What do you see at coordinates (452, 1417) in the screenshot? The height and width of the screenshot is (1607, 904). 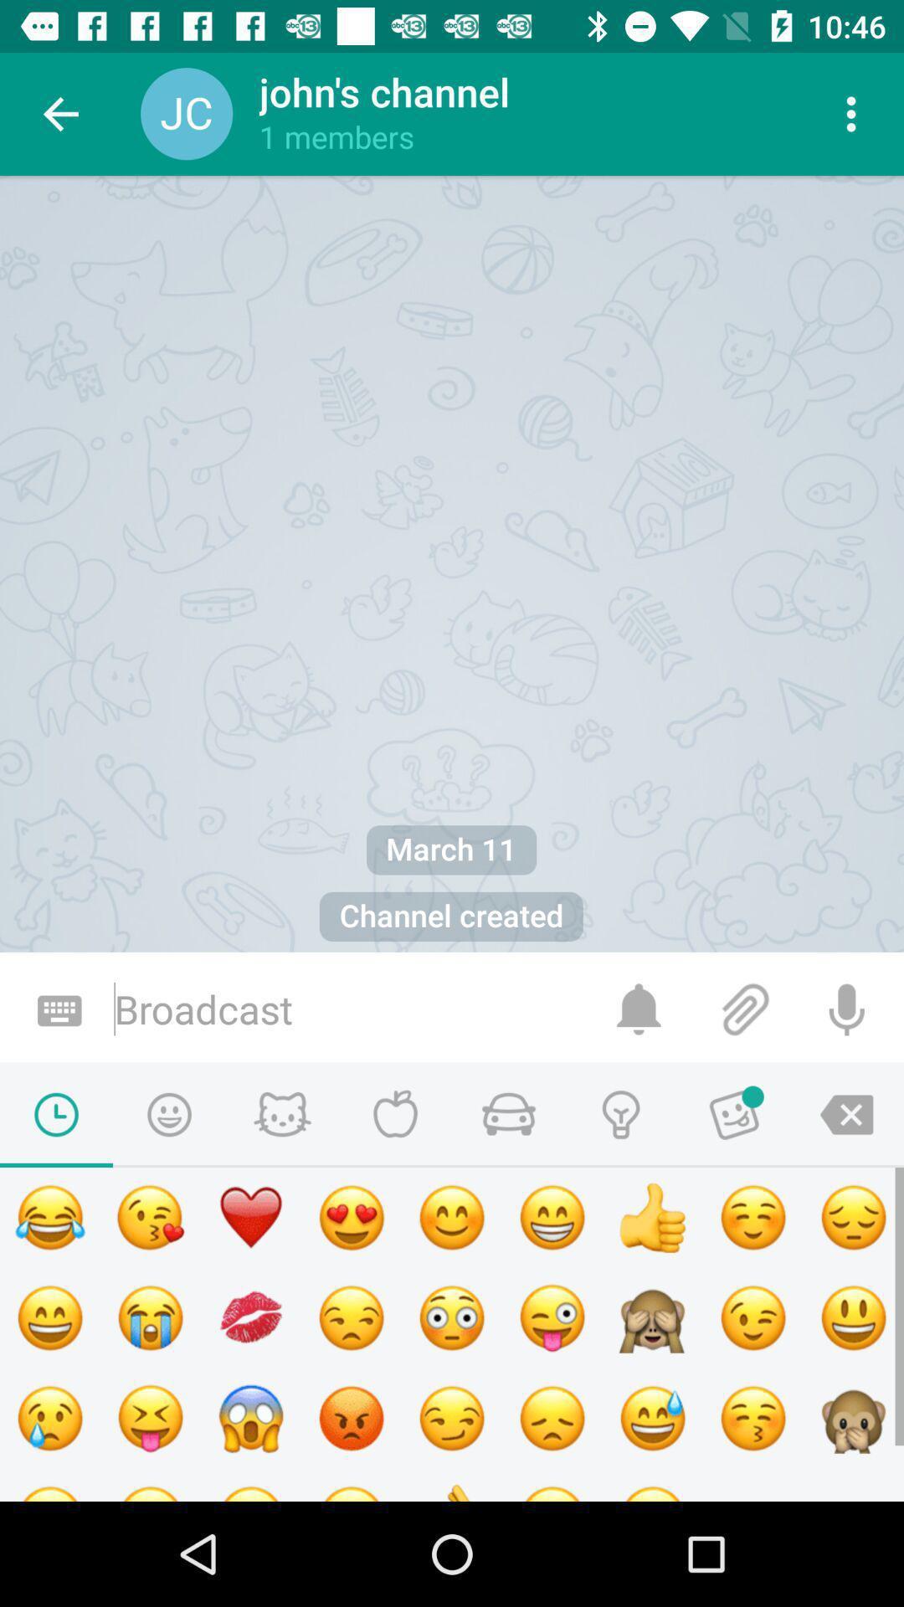 I see `the emoji icon` at bounding box center [452, 1417].